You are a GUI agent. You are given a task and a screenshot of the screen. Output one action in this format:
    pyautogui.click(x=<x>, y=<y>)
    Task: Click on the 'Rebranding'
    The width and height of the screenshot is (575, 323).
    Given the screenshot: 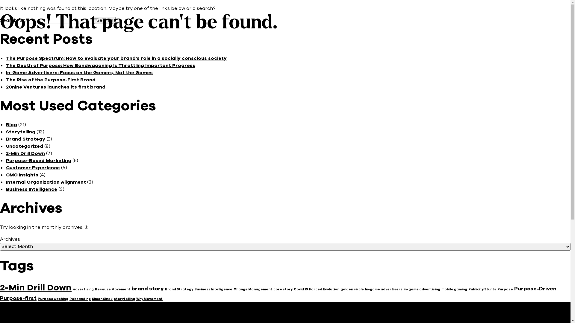 What is the action you would take?
    pyautogui.click(x=80, y=299)
    